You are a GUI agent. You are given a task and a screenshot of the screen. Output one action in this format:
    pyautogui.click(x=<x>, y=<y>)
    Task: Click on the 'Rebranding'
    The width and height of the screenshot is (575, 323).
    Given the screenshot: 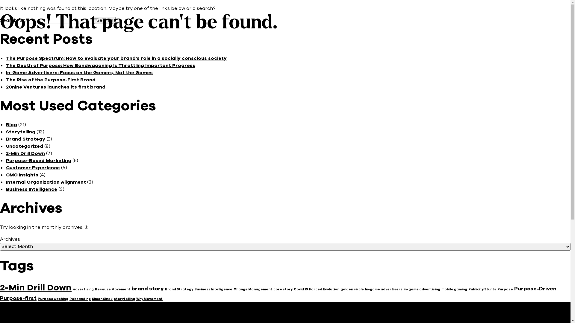 What is the action you would take?
    pyautogui.click(x=80, y=299)
    